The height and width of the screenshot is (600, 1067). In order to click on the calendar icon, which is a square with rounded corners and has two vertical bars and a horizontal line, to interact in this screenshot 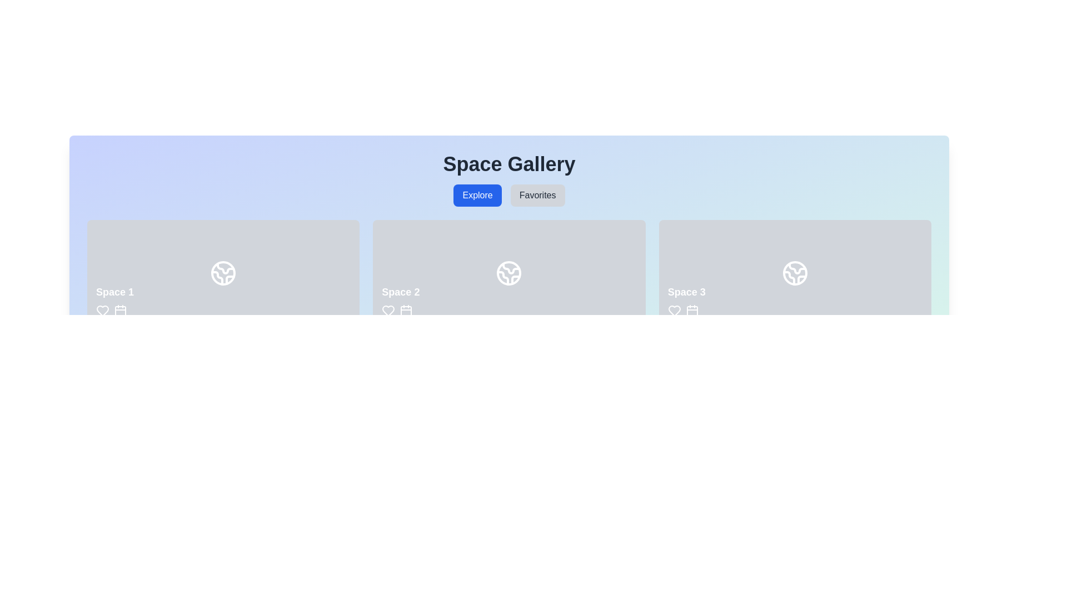, I will do `click(691, 311)`.